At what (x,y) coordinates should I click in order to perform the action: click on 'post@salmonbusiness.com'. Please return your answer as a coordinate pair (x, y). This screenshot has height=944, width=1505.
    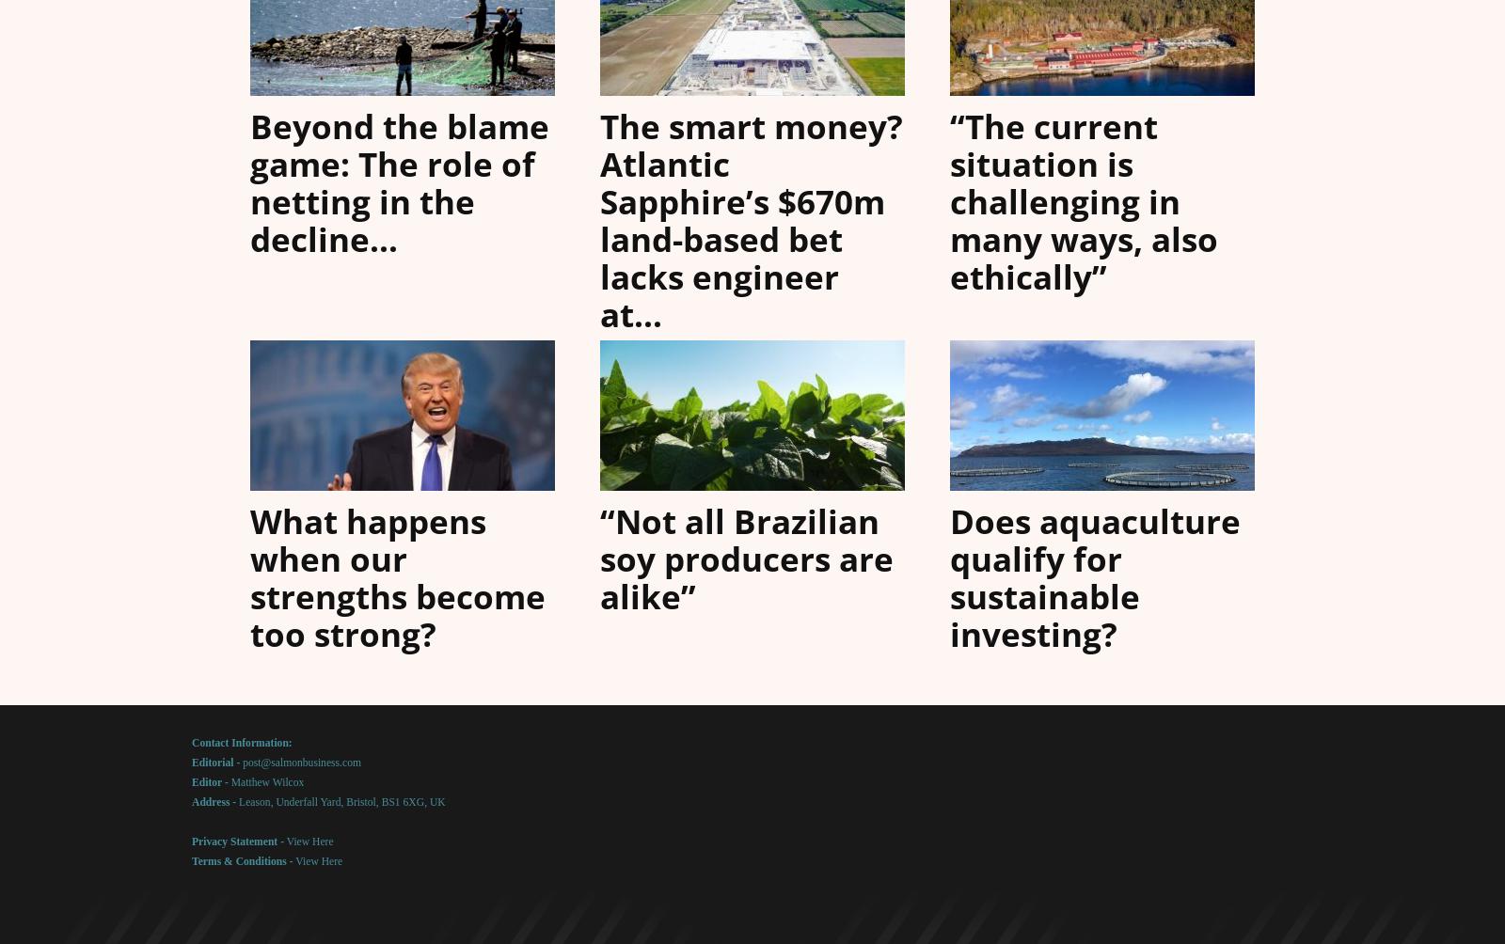
    Looking at the image, I should click on (301, 762).